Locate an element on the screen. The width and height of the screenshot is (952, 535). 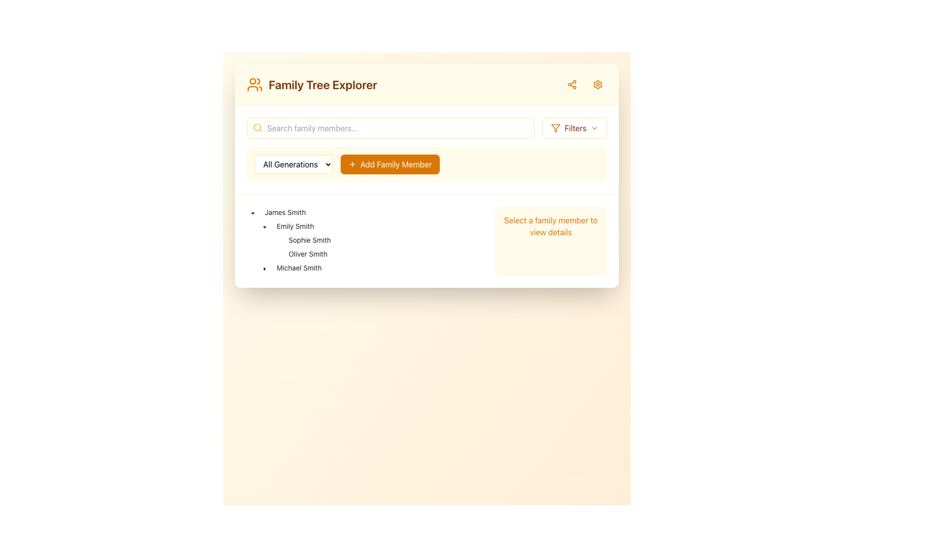
the circular share button with an amber color located in the top-right corner of the interface is located at coordinates (572, 84).